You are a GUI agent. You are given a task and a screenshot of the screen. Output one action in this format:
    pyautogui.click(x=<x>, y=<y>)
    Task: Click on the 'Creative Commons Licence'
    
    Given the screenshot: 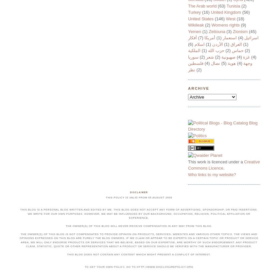 What is the action you would take?
    pyautogui.click(x=223, y=165)
    